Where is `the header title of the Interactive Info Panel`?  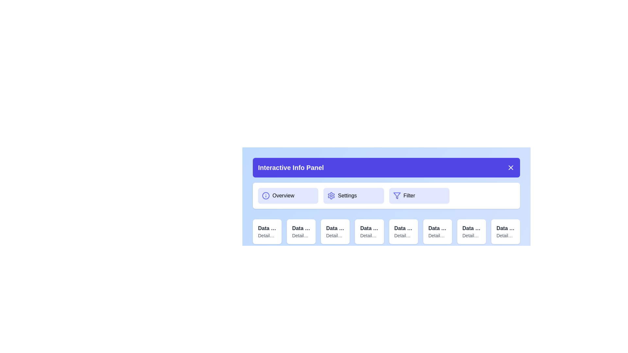 the header title of the Interactive Info Panel is located at coordinates (386, 167).